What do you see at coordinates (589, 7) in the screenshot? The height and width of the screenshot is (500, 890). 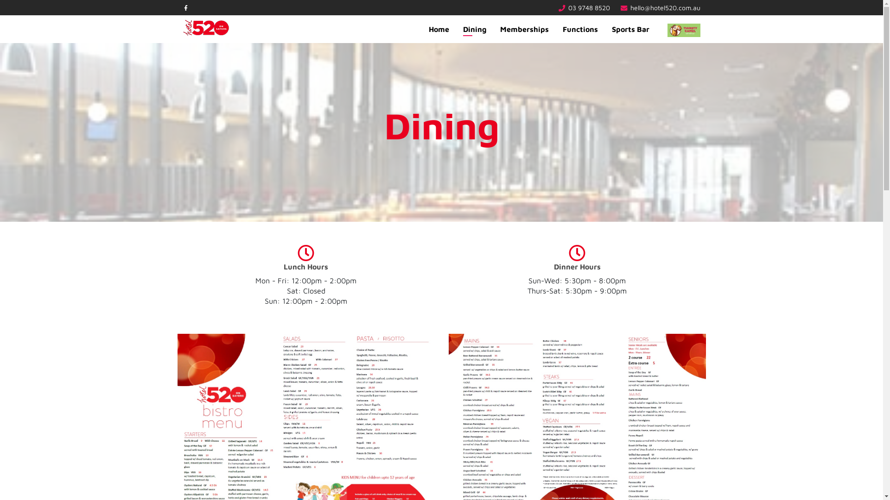 I see `'03 9748 8520'` at bounding box center [589, 7].